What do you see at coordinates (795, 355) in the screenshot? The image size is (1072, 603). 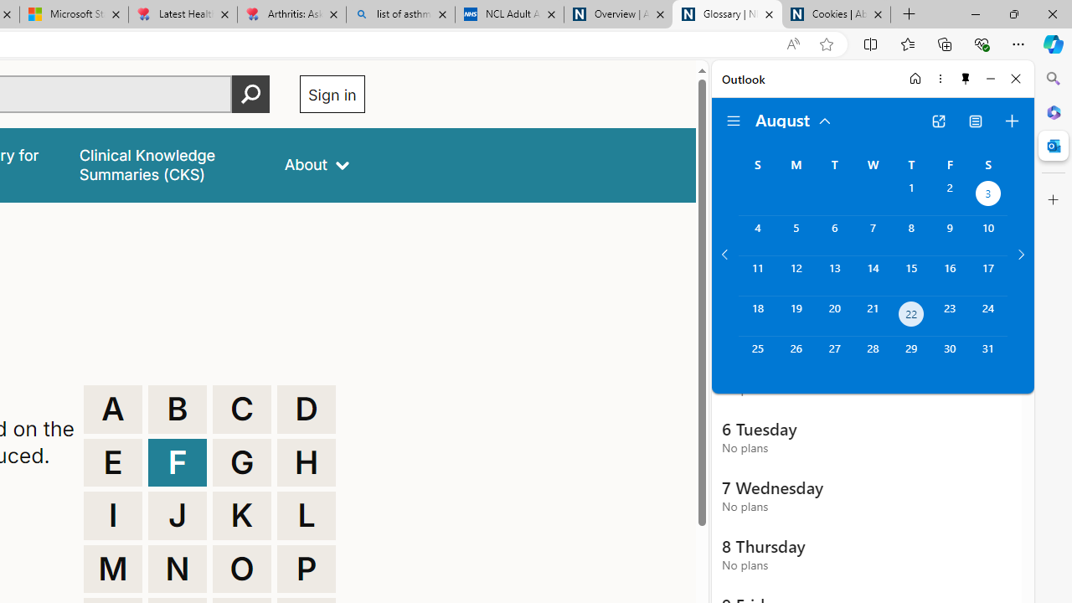 I see `'Monday, August 26, 2024. '` at bounding box center [795, 355].